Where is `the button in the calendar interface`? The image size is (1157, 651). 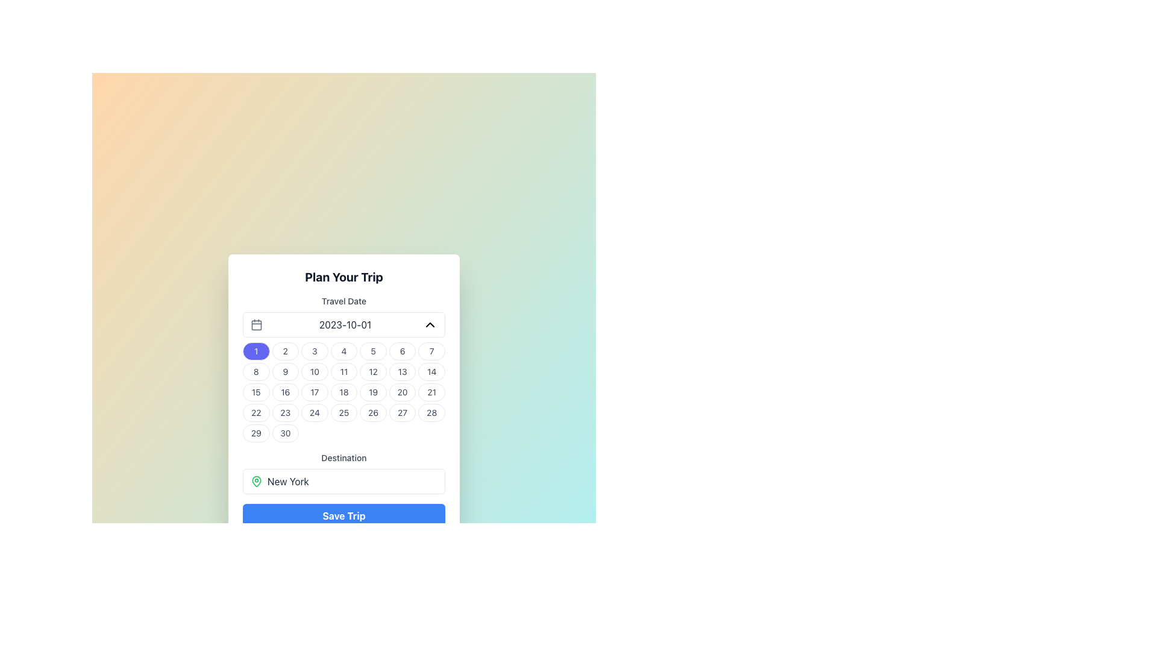 the button in the calendar interface is located at coordinates (284, 371).